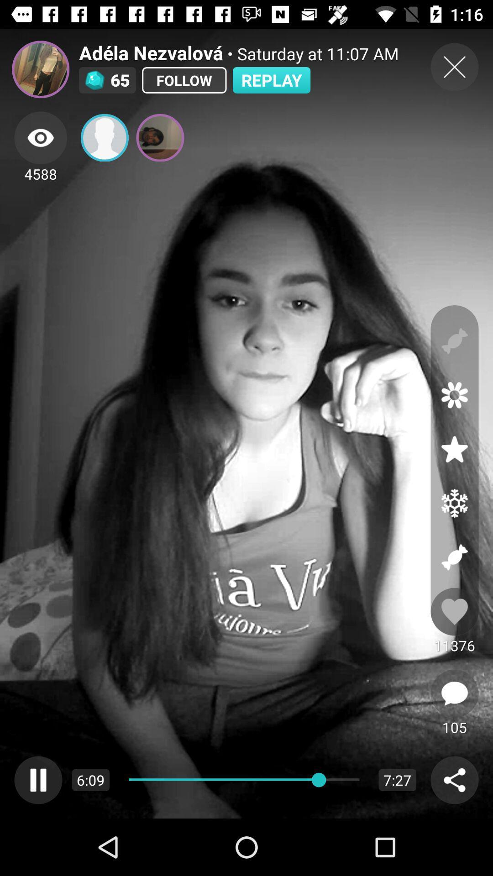 The image size is (493, 876). I want to click on share, so click(454, 779).